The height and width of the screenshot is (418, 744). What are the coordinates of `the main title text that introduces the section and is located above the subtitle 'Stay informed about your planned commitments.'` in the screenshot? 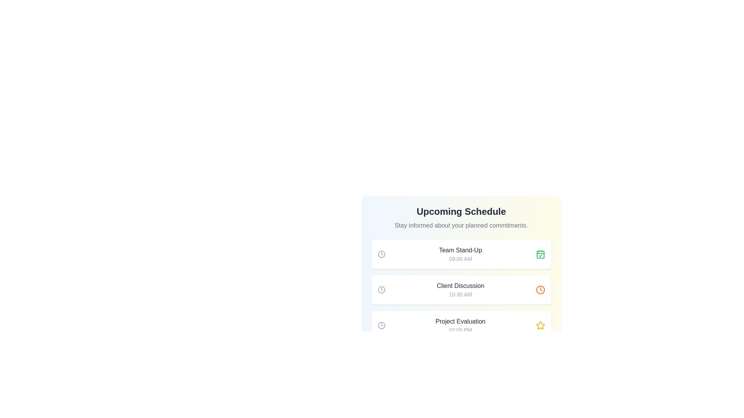 It's located at (461, 212).